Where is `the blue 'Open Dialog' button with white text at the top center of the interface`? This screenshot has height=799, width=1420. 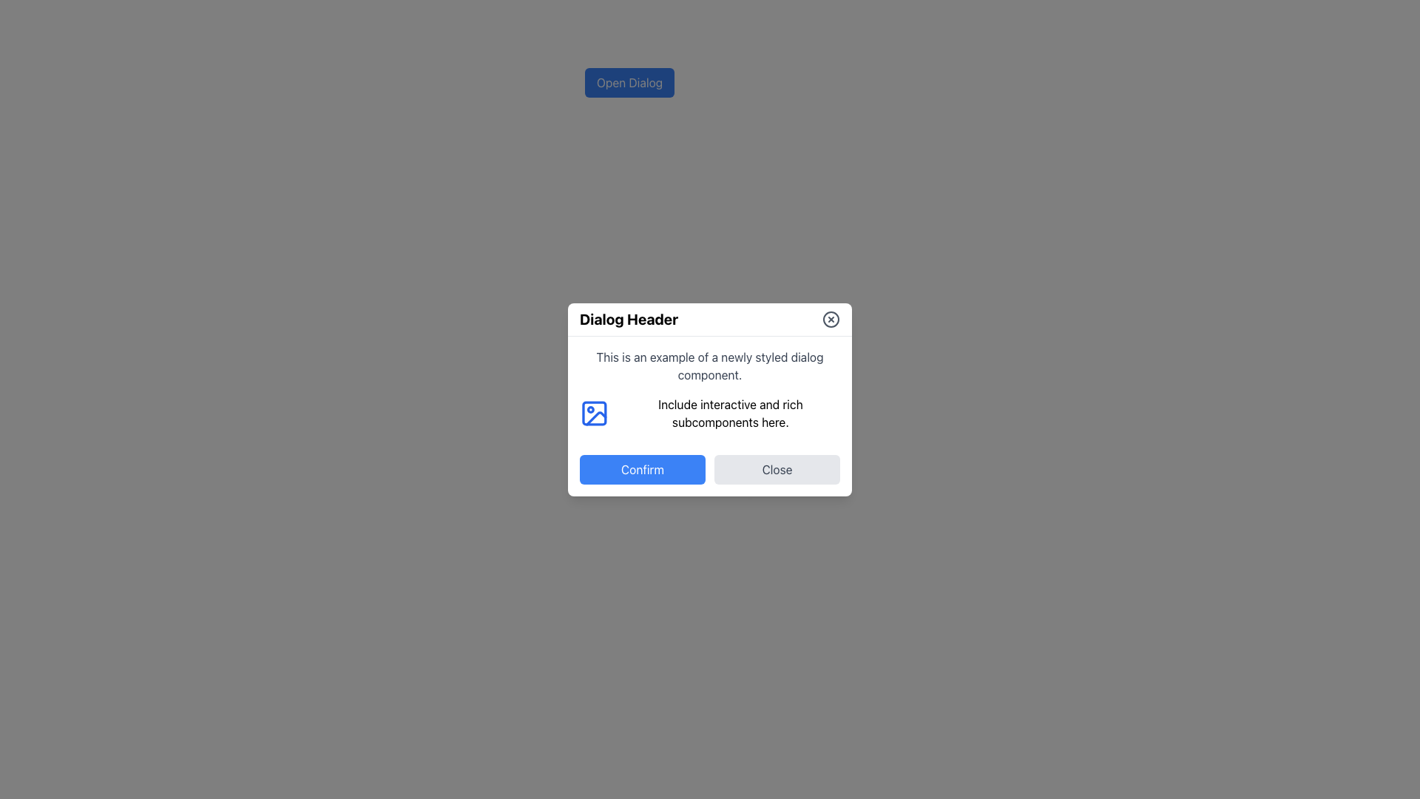
the blue 'Open Dialog' button with white text at the top center of the interface is located at coordinates (629, 82).